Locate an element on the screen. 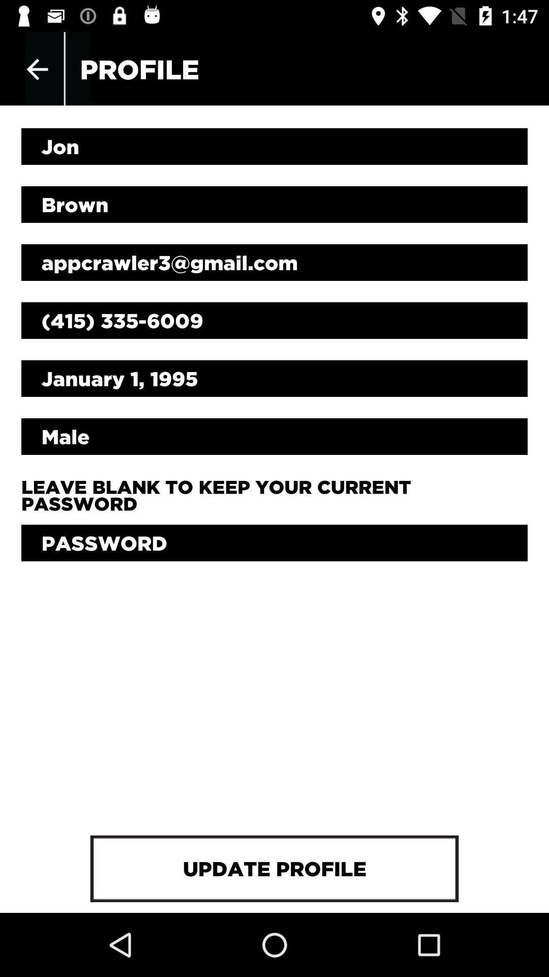 The image size is (549, 977). to use click the password is located at coordinates (274, 542).